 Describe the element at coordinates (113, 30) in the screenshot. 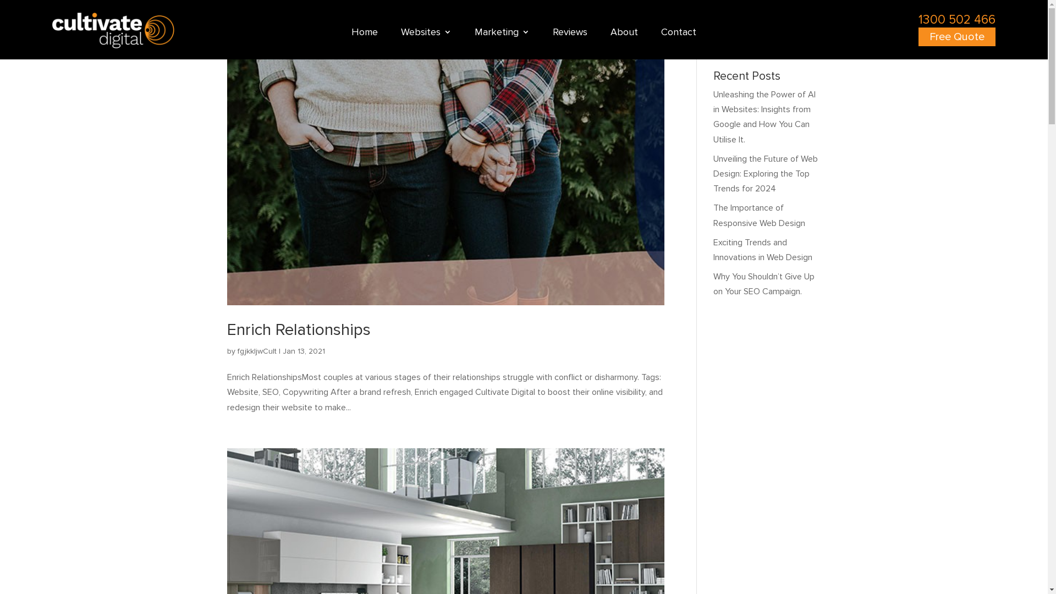

I see `'Cultivate Digital'` at that location.